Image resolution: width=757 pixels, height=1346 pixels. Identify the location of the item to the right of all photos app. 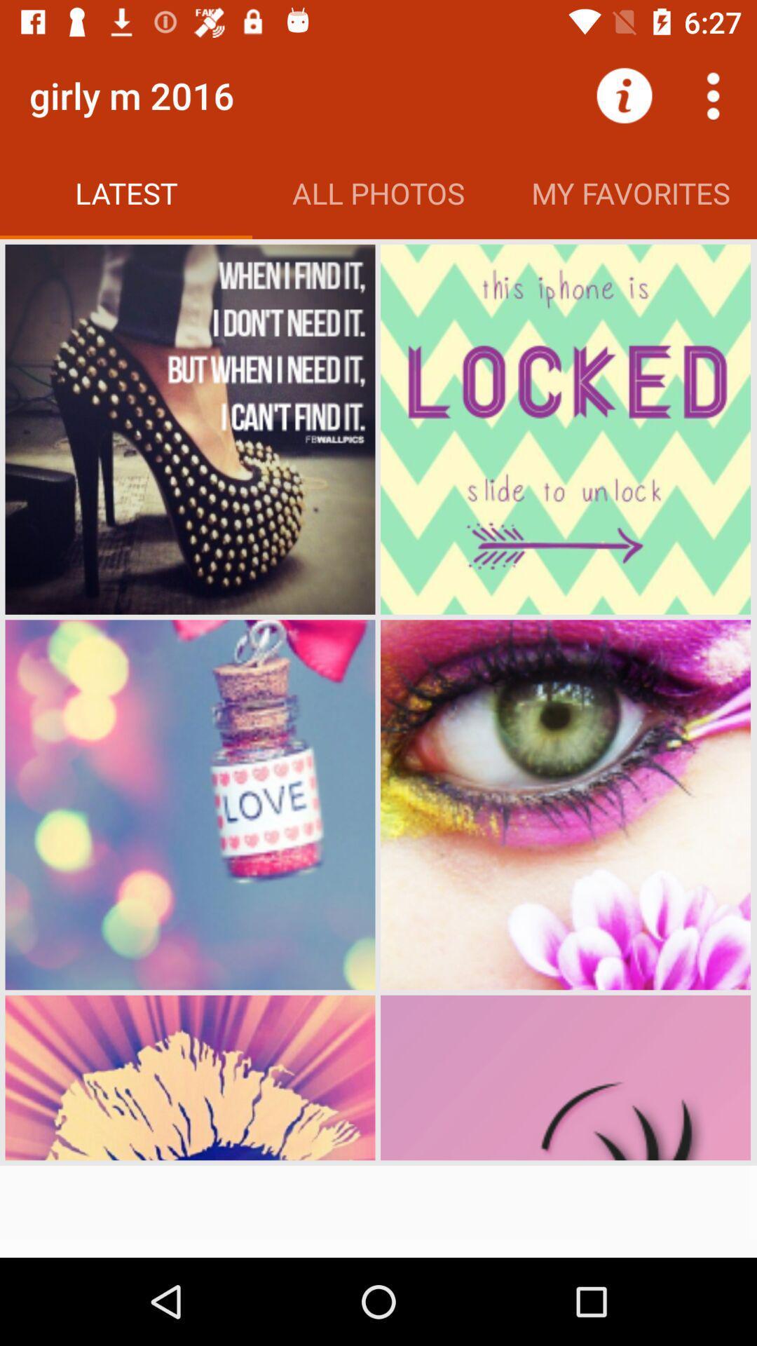
(624, 95).